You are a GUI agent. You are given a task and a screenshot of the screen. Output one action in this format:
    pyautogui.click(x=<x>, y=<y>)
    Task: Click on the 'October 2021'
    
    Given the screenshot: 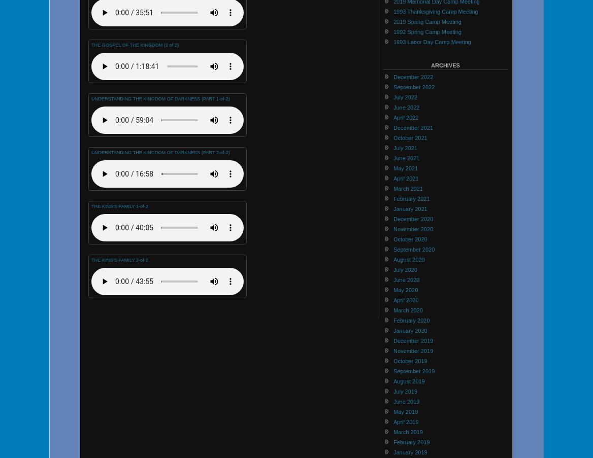 What is the action you would take?
    pyautogui.click(x=410, y=136)
    